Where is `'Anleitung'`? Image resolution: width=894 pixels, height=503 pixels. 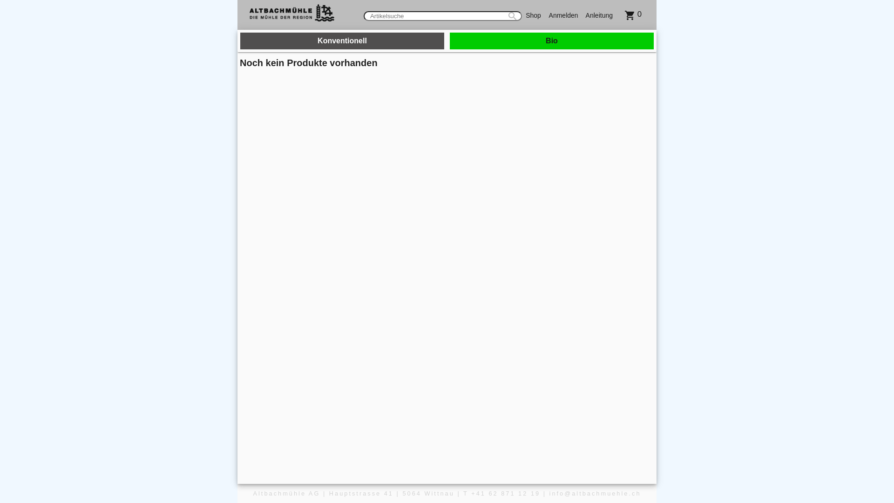
'Anleitung' is located at coordinates (599, 14).